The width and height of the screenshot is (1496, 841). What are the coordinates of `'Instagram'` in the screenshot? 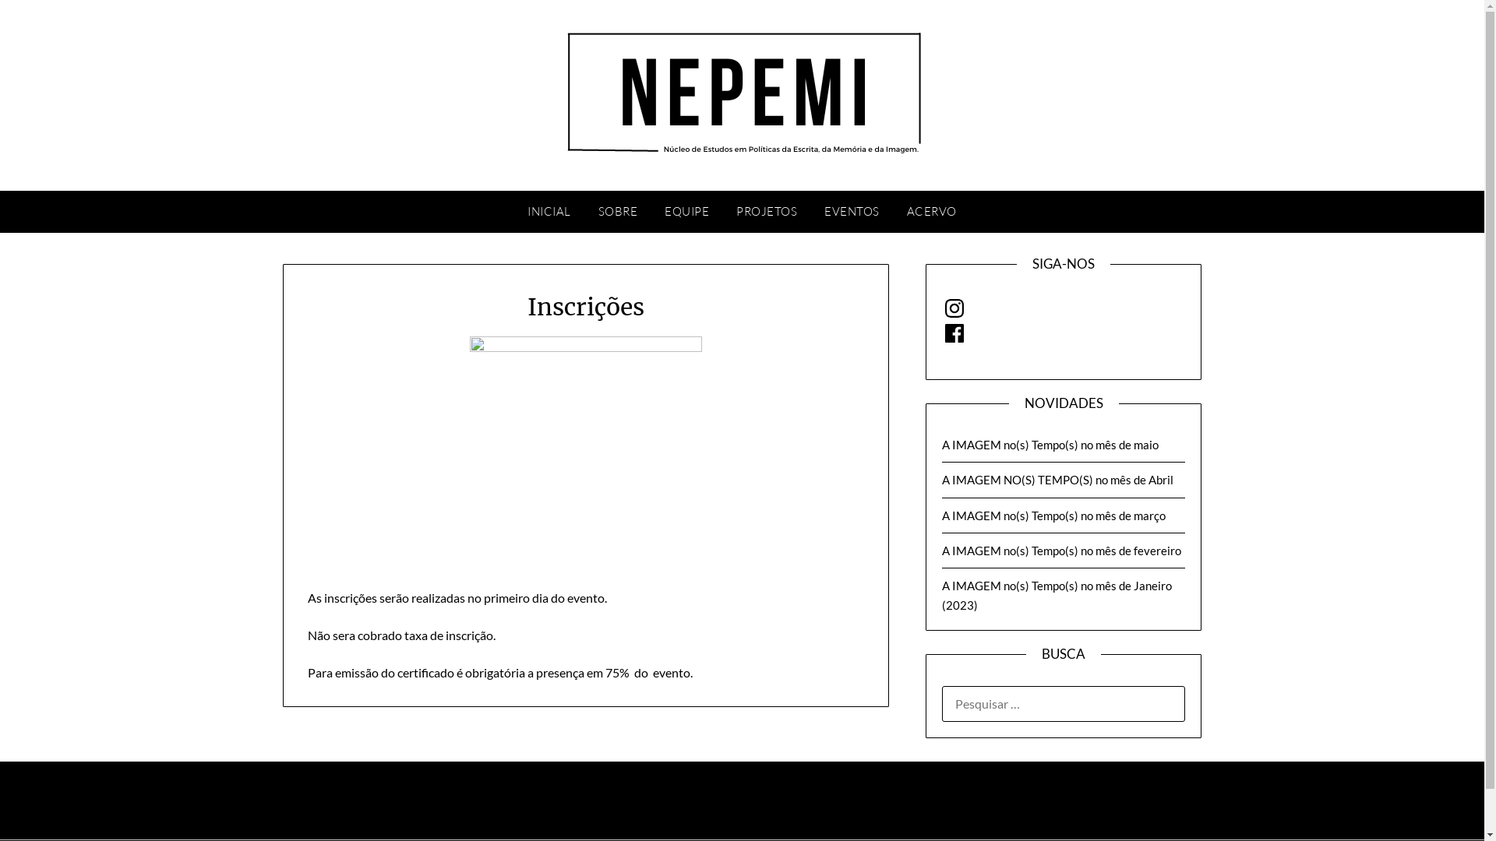 It's located at (953, 308).